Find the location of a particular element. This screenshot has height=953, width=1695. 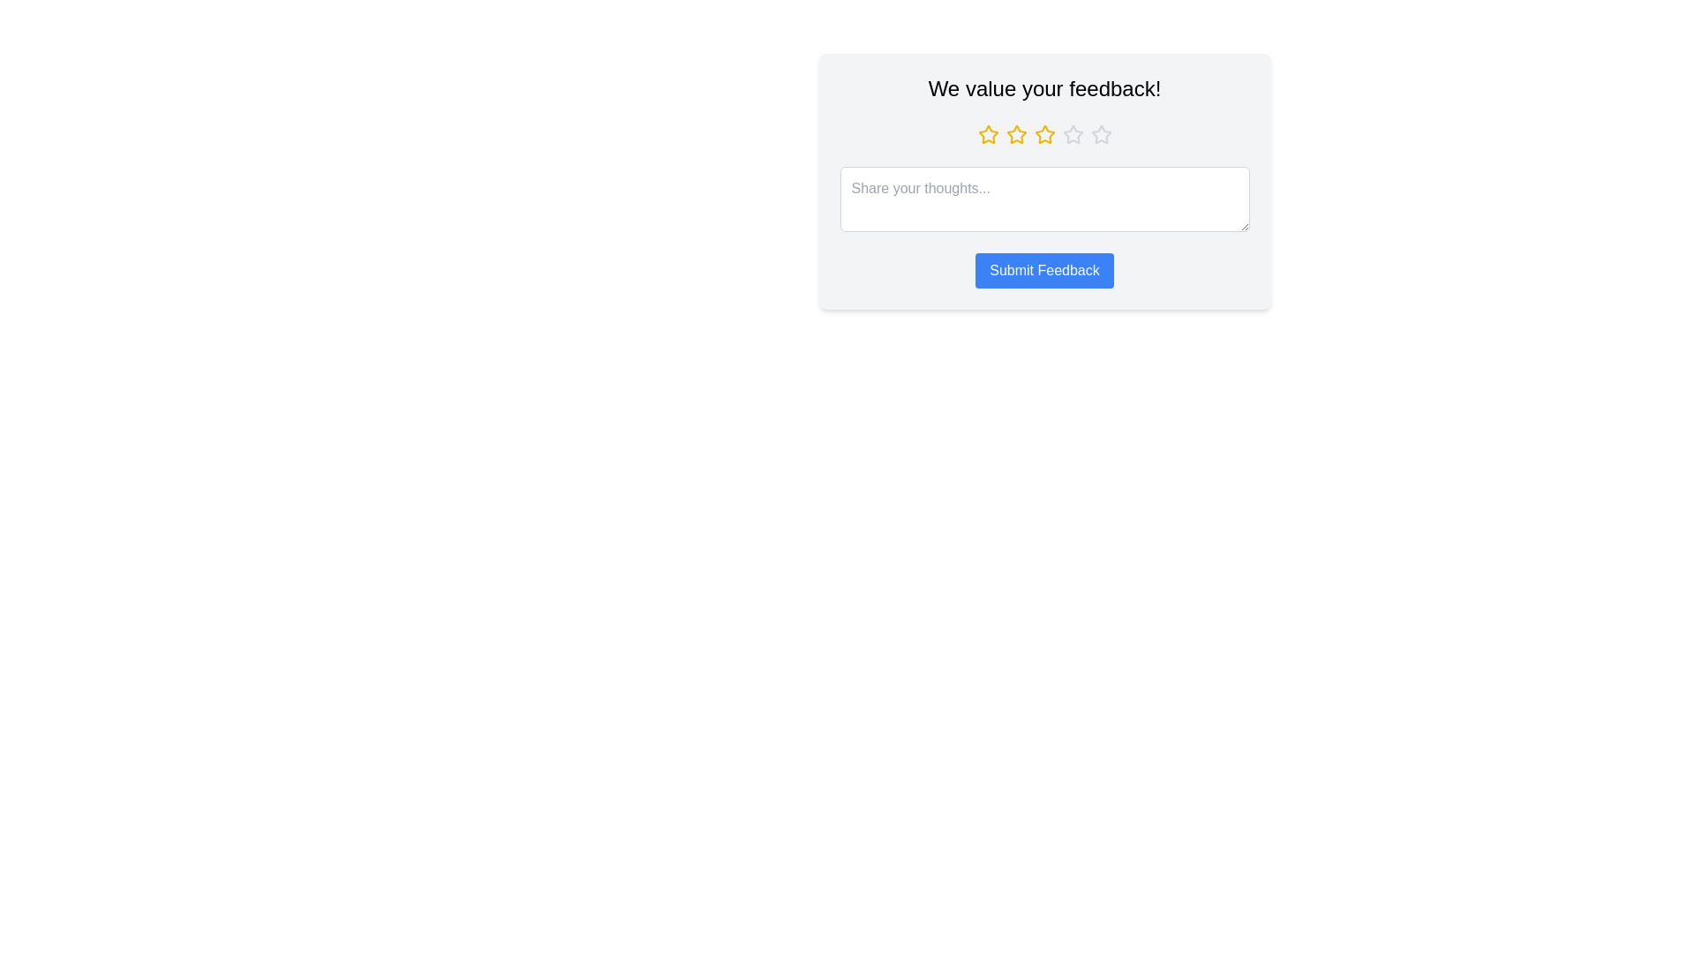

the left-most star icon in the rating system is located at coordinates (987, 134).